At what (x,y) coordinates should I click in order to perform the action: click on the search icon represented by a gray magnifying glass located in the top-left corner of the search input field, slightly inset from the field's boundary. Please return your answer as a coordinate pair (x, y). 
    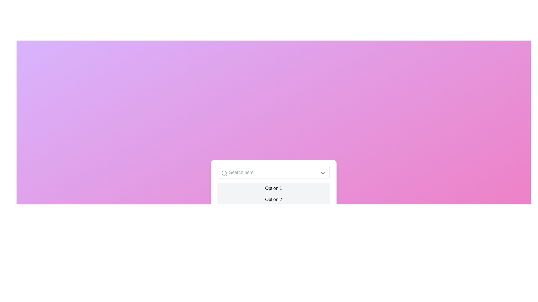
    Looking at the image, I should click on (224, 173).